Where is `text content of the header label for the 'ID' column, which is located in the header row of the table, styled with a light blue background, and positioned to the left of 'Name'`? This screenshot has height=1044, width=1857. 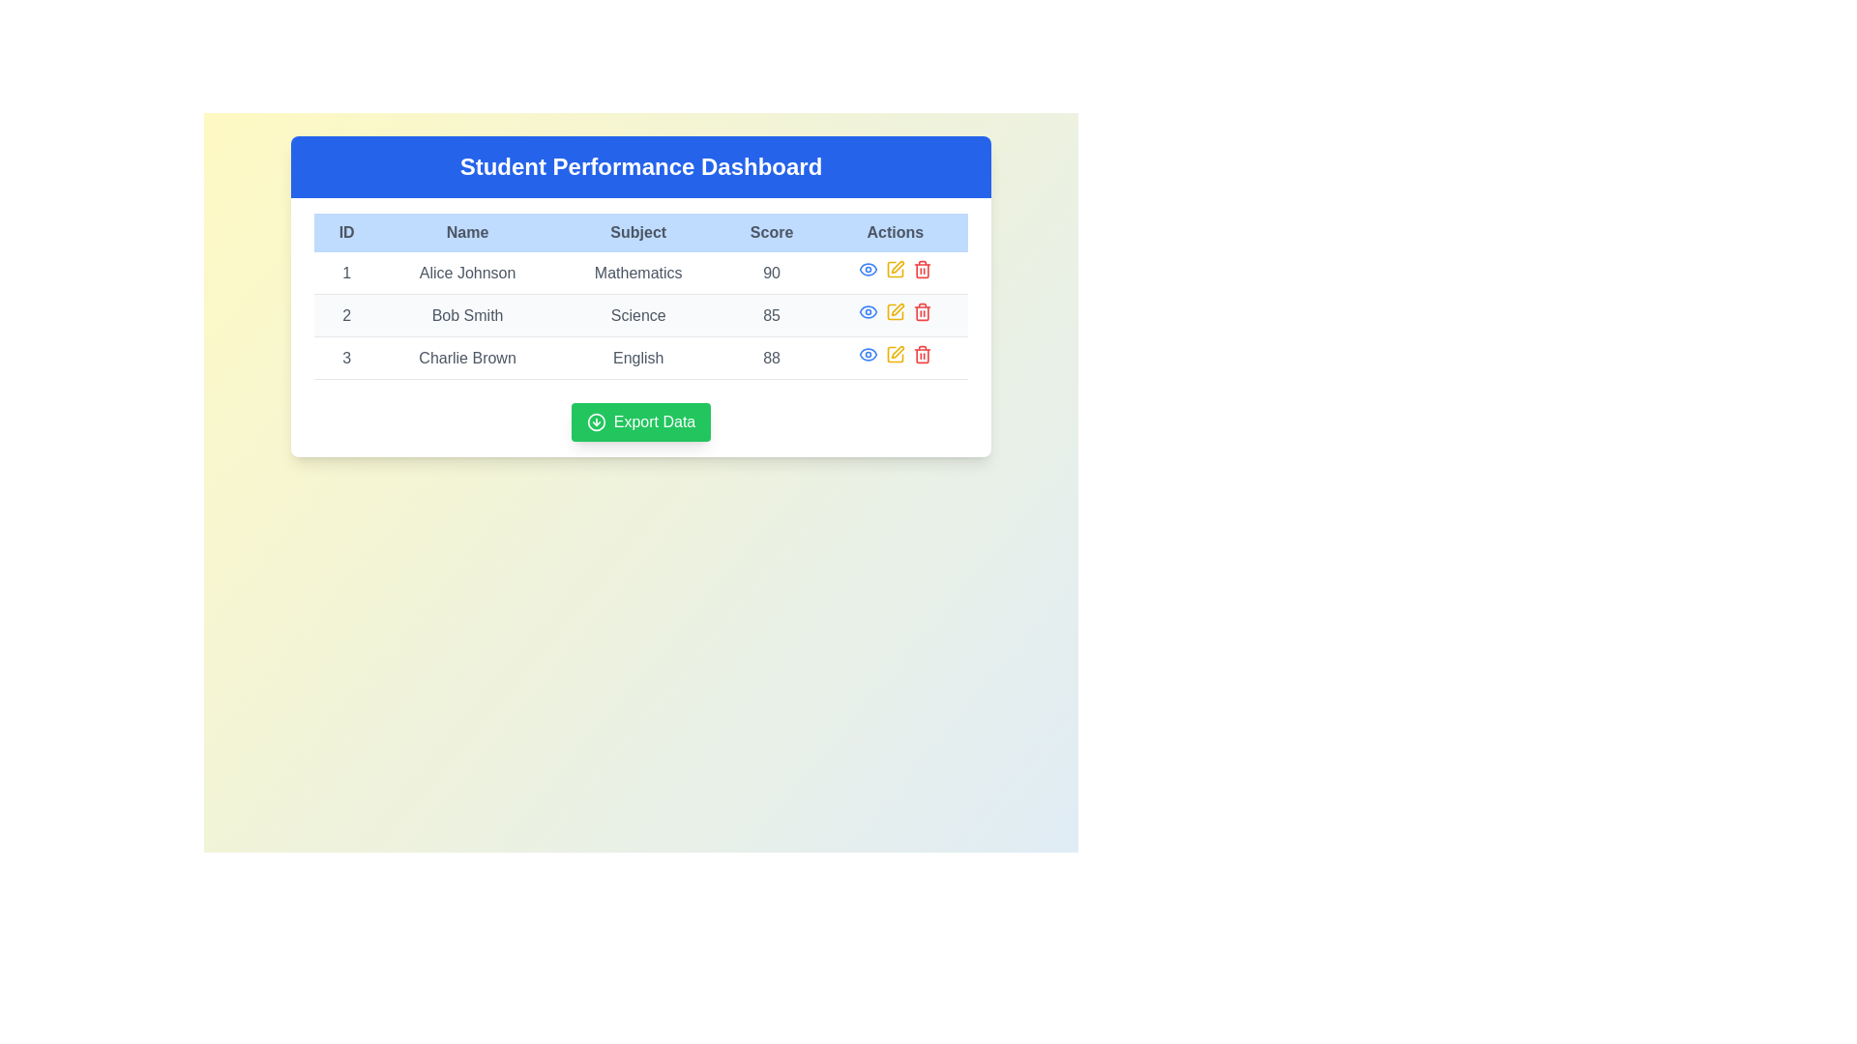 text content of the header label for the 'ID' column, which is located in the header row of the table, styled with a light blue background, and positioned to the left of 'Name' is located at coordinates (346, 231).